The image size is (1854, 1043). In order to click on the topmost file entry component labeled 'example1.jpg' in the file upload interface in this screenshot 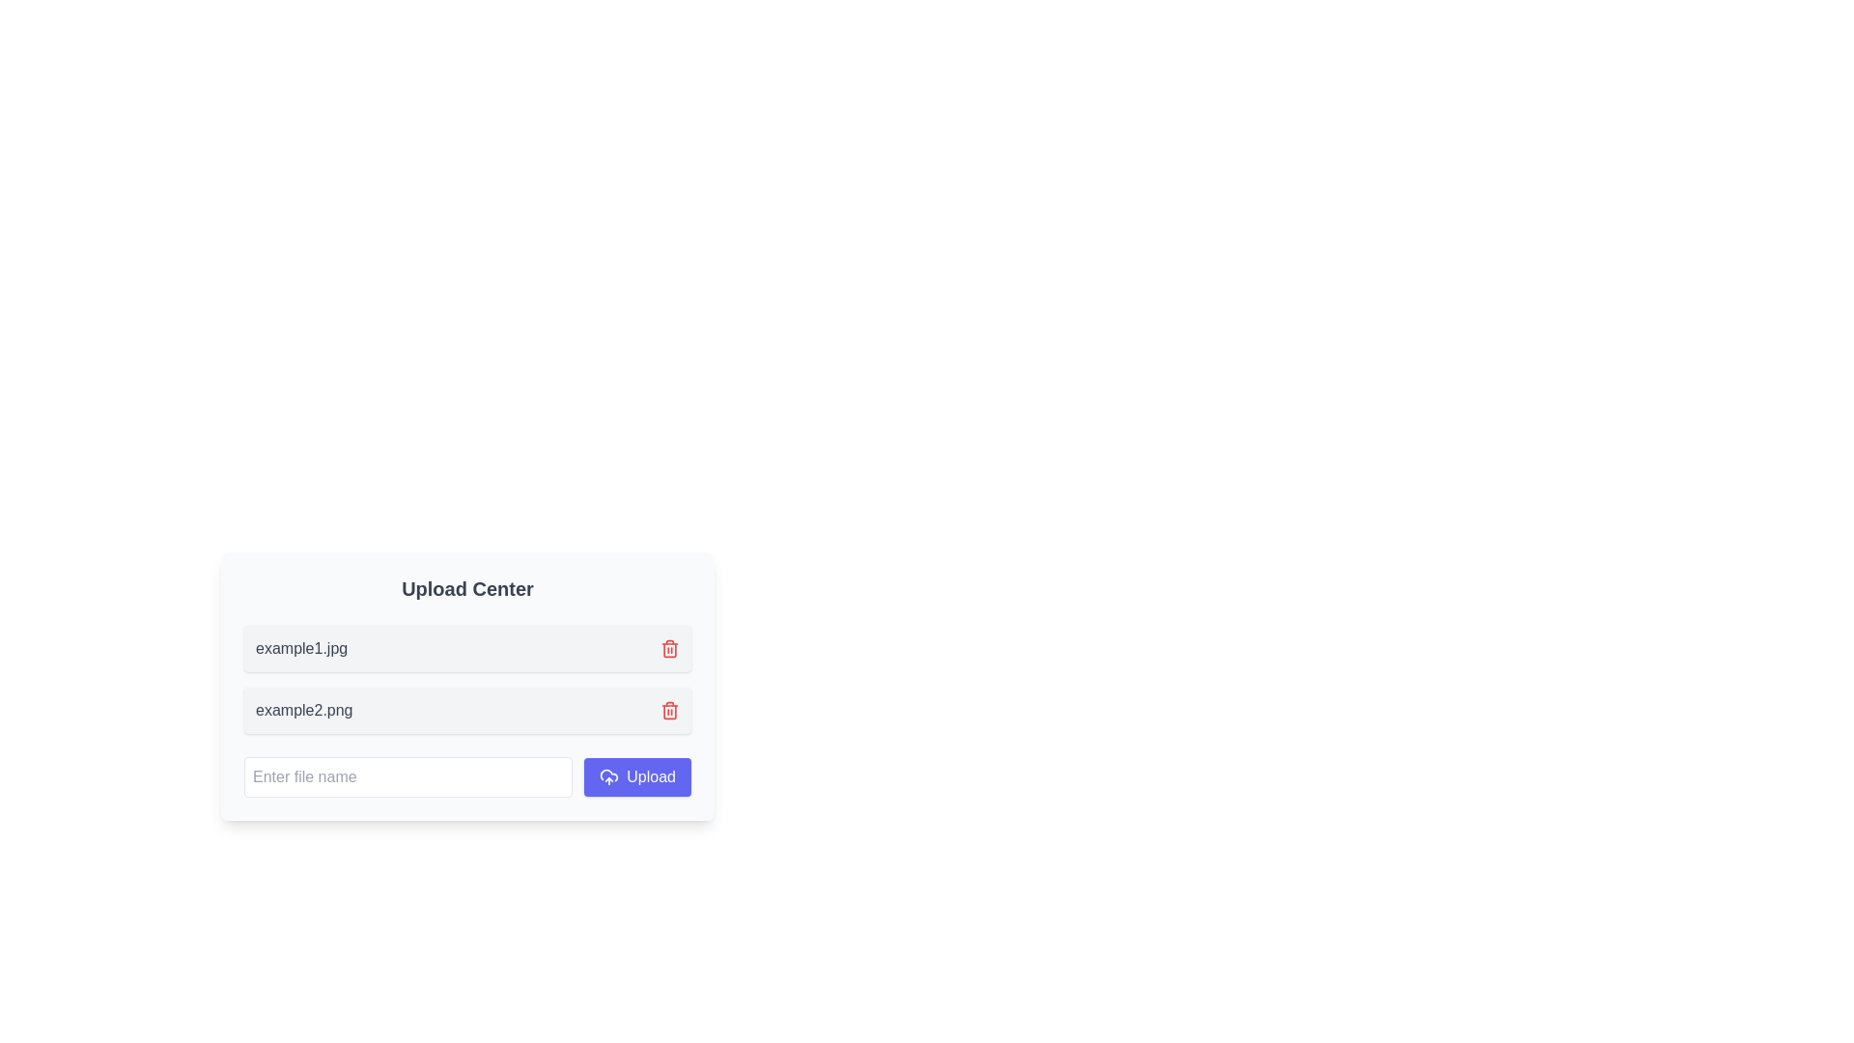, I will do `click(467, 648)`.